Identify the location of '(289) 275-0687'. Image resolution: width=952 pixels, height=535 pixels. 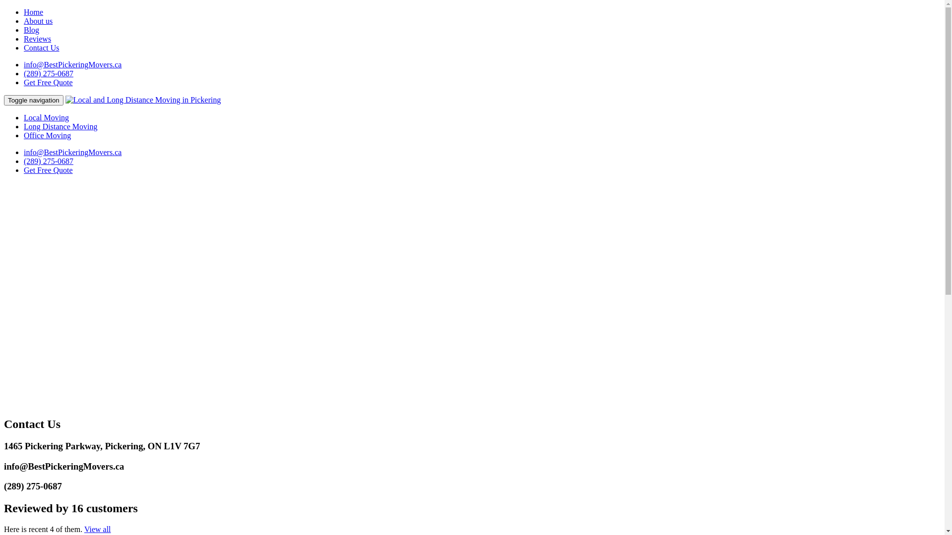
(48, 73).